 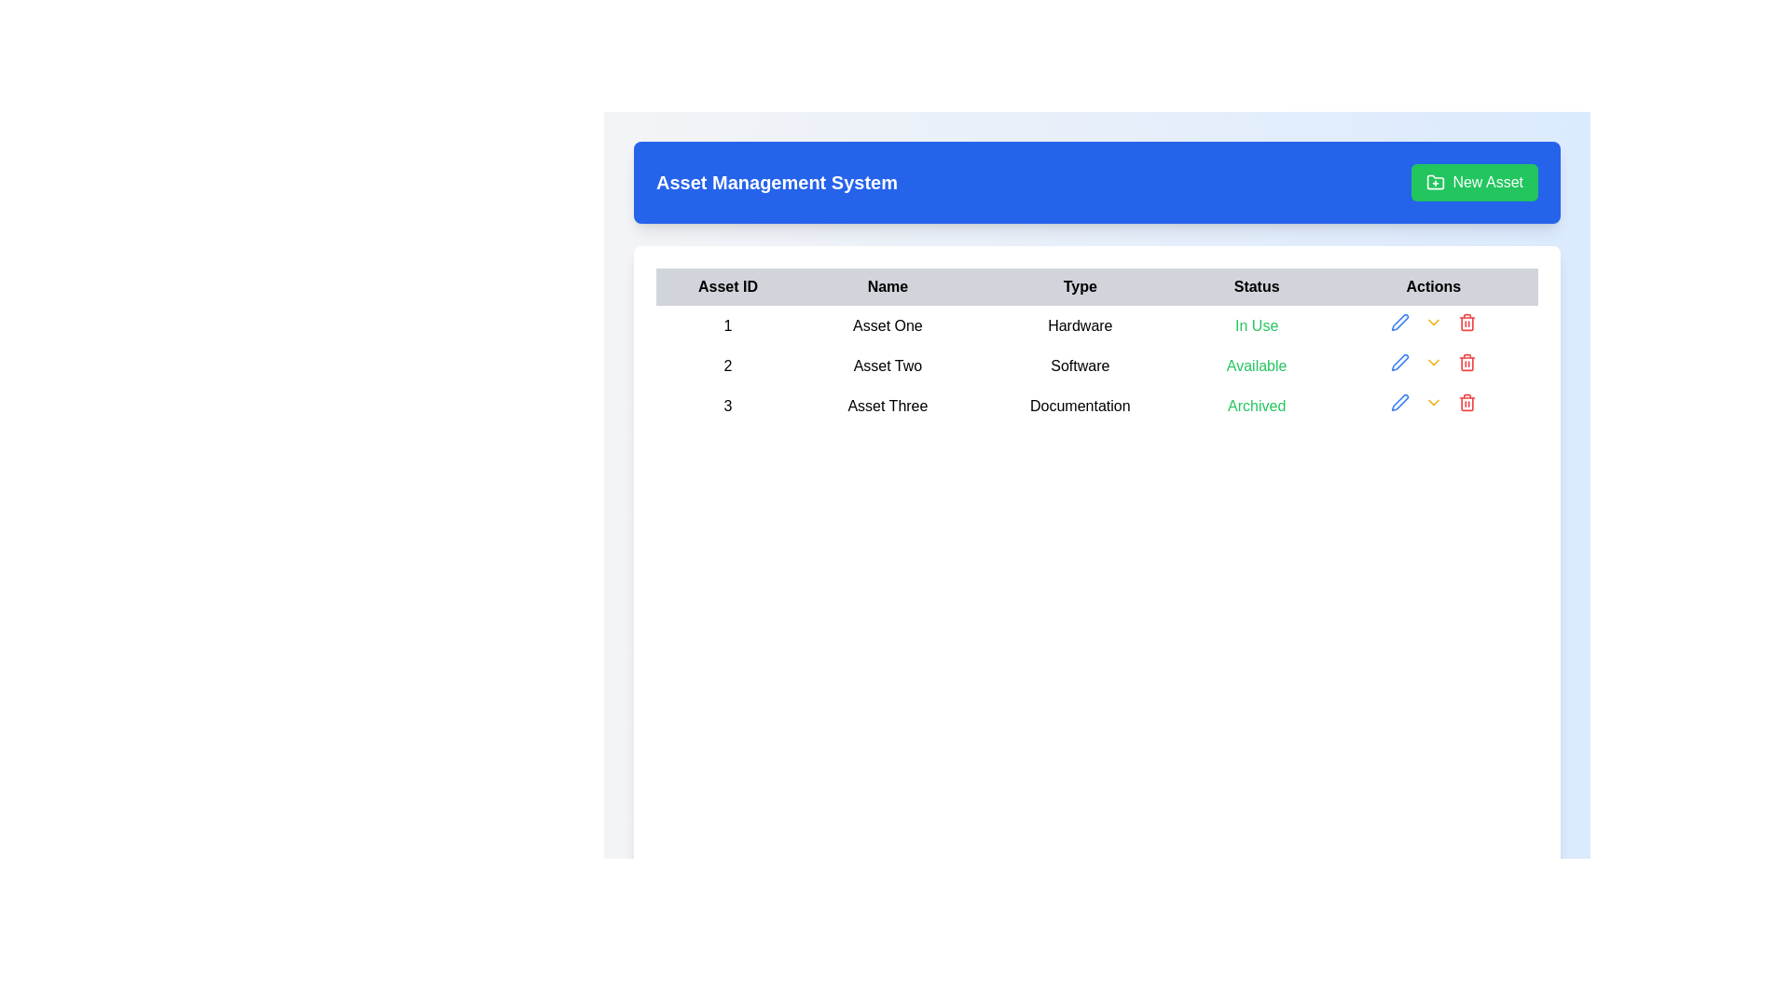 I want to click on the 'Create New Asset' button, which is located on the right side of the 'Asset Management System' title bar, so click(x=1474, y=183).